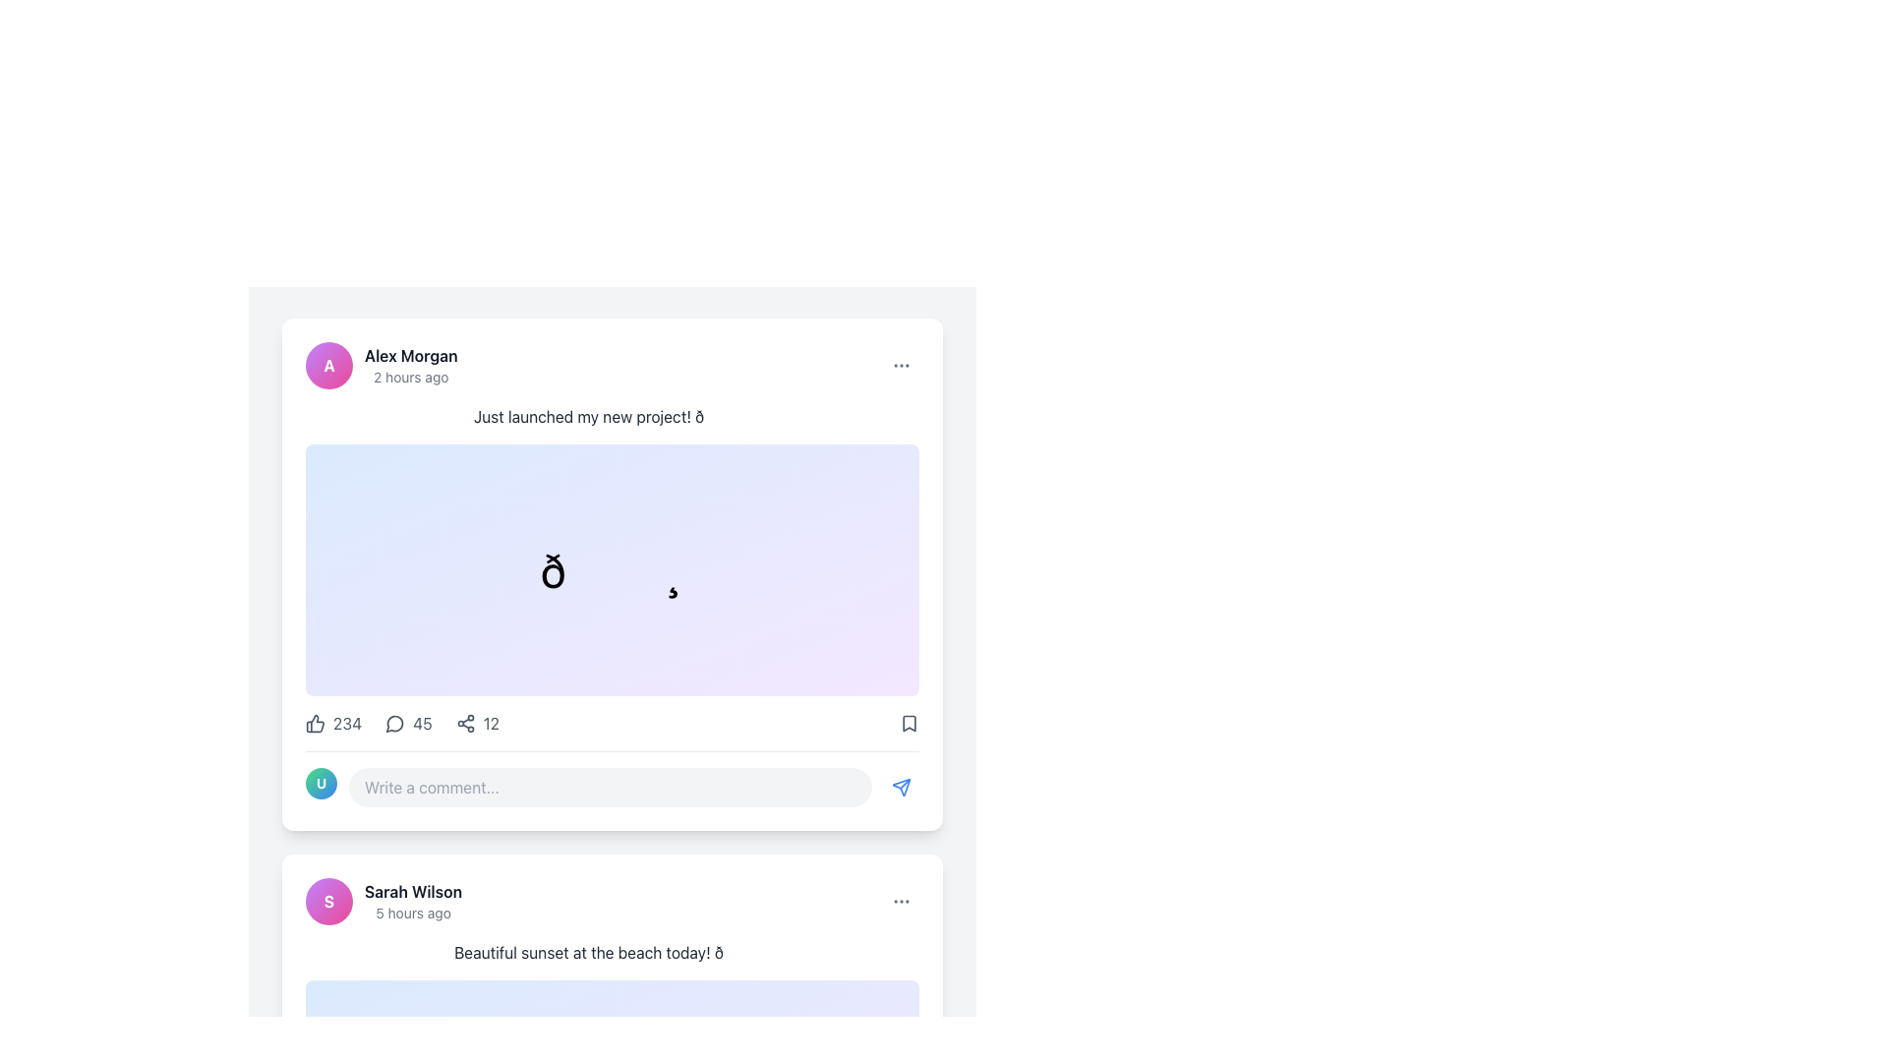 Image resolution: width=1888 pixels, height=1062 pixels. I want to click on the text element stating 'Beautiful sunset at the beach today! 🌅', which is medium gray and located in a post by 'Sarah Wilson', so click(612, 951).